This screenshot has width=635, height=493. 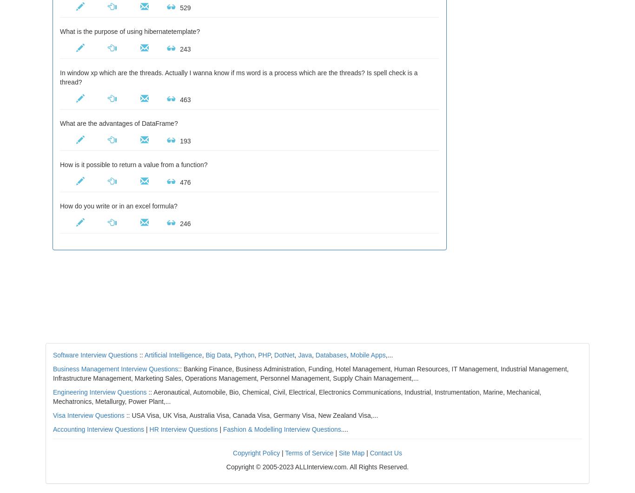 I want to click on 'In window xp which are the threads. Actually I wanna know if ms word is a process which are the threads? Is spell check is a thread?', so click(x=238, y=78).